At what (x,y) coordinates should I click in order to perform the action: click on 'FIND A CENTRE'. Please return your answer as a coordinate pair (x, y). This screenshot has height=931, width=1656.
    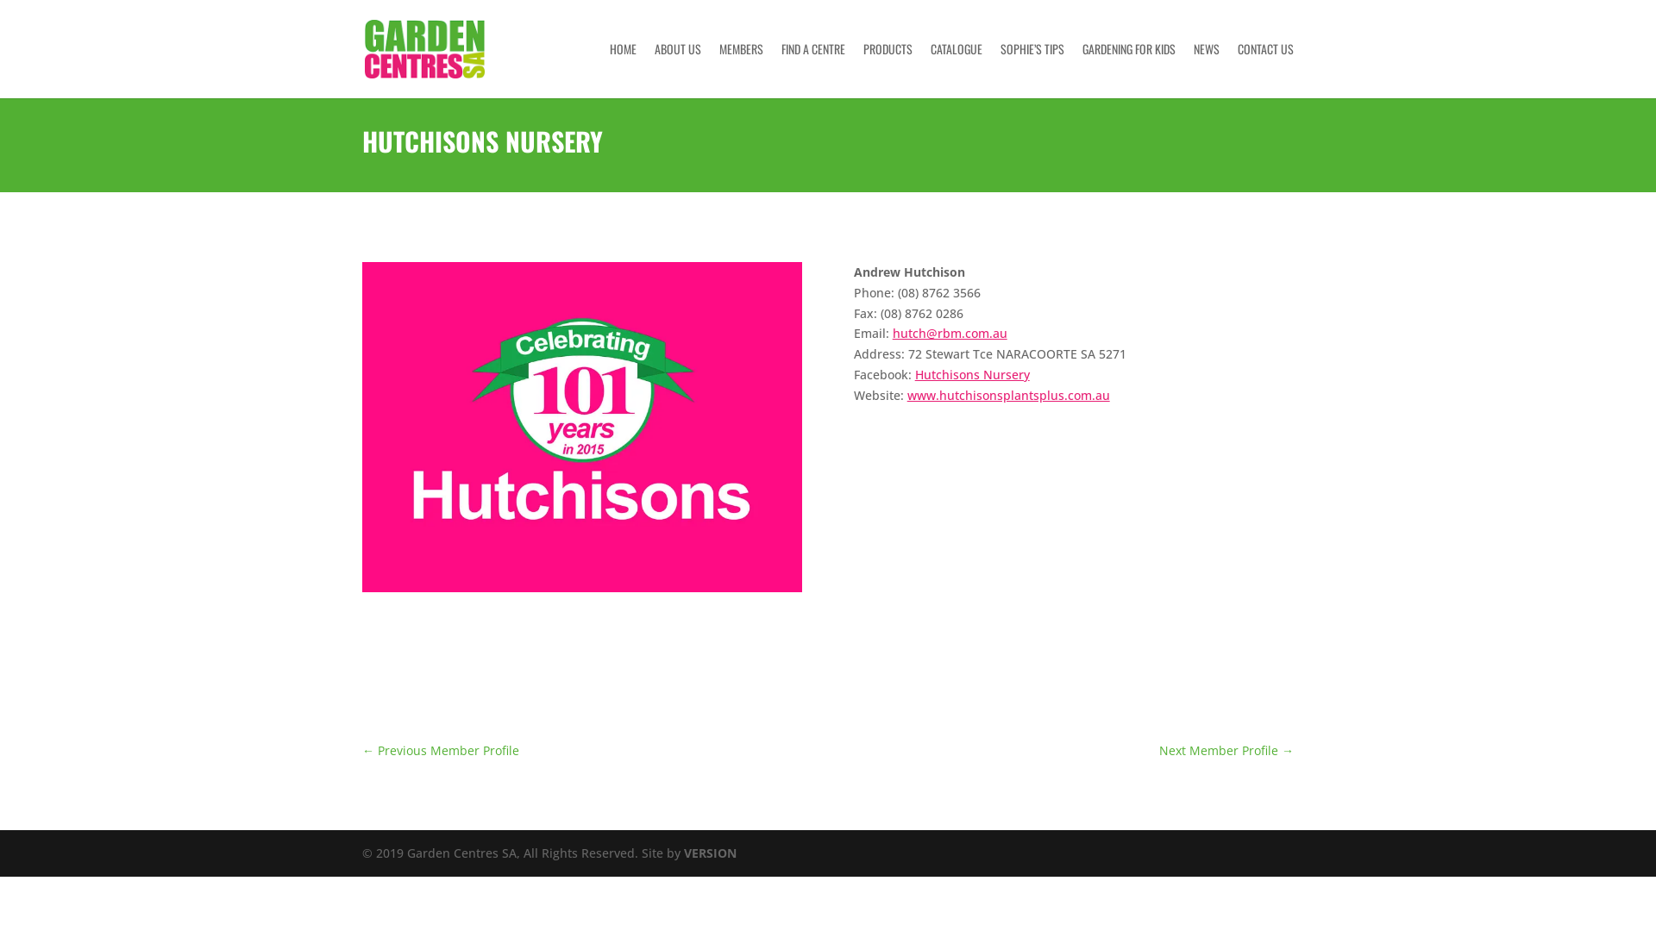
    Looking at the image, I should click on (812, 69).